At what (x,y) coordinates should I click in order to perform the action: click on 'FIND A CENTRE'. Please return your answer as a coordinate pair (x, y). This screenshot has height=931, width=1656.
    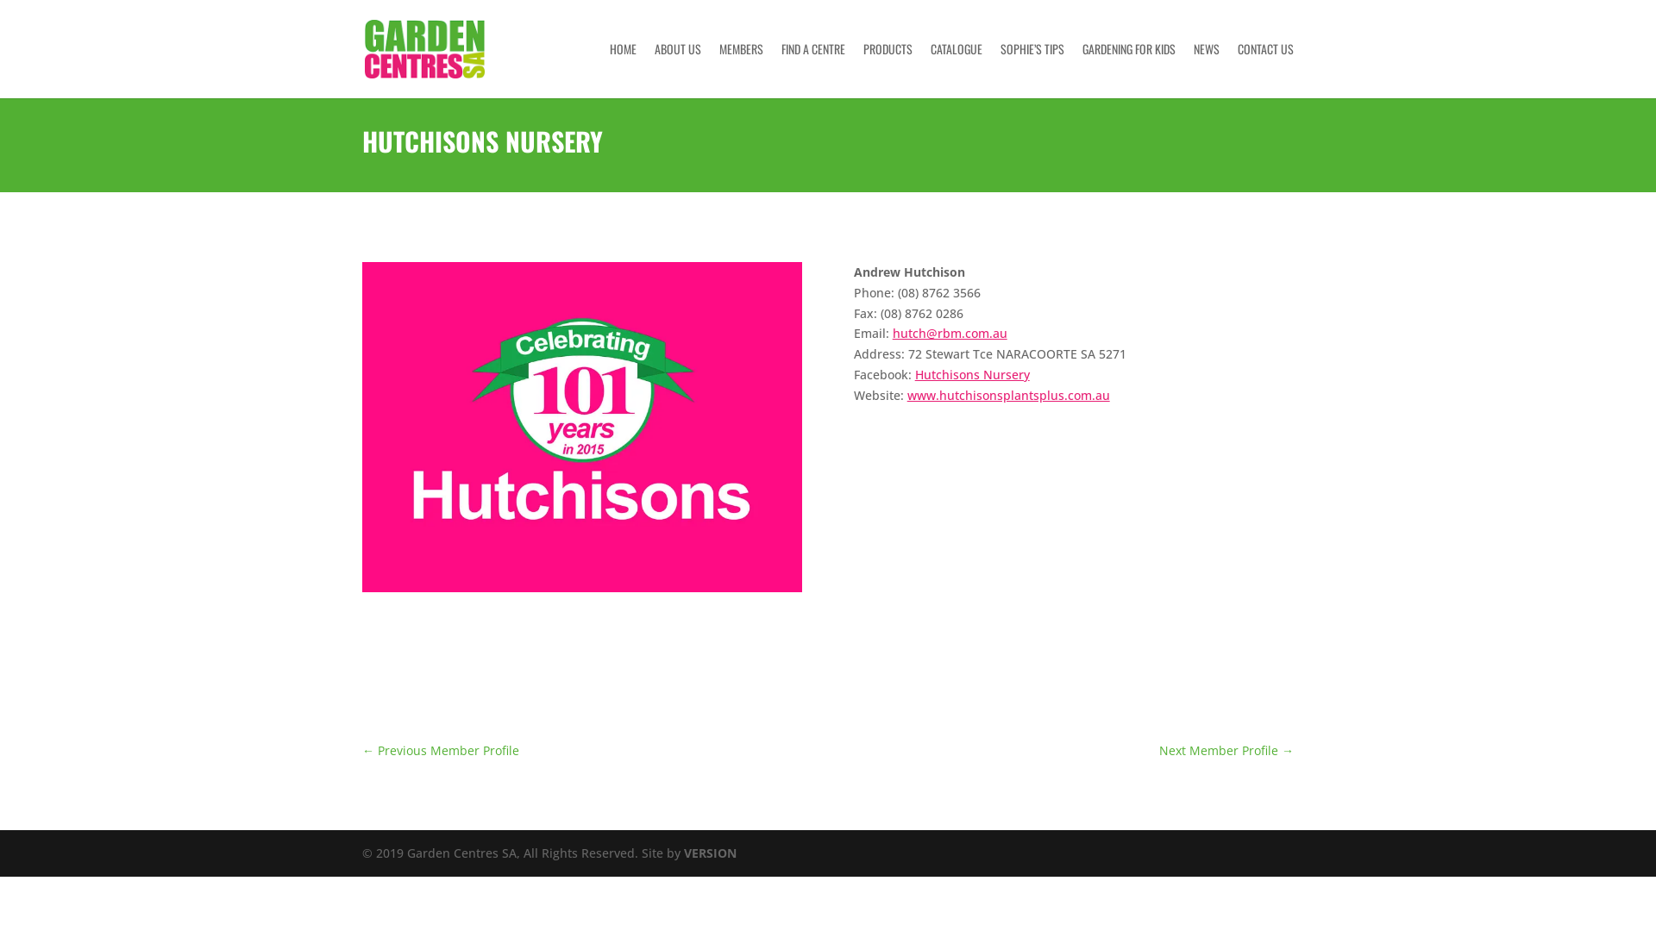
    Looking at the image, I should click on (812, 69).